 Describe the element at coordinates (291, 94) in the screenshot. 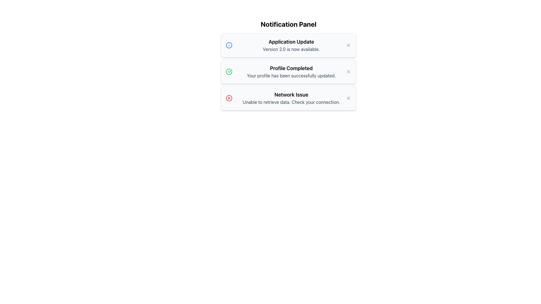

I see `text label 'Network Issue' located in the third notification box from the top in the notification panel, positioned above the supporting text 'Unable to retrieve data. Check your connection.'` at that location.